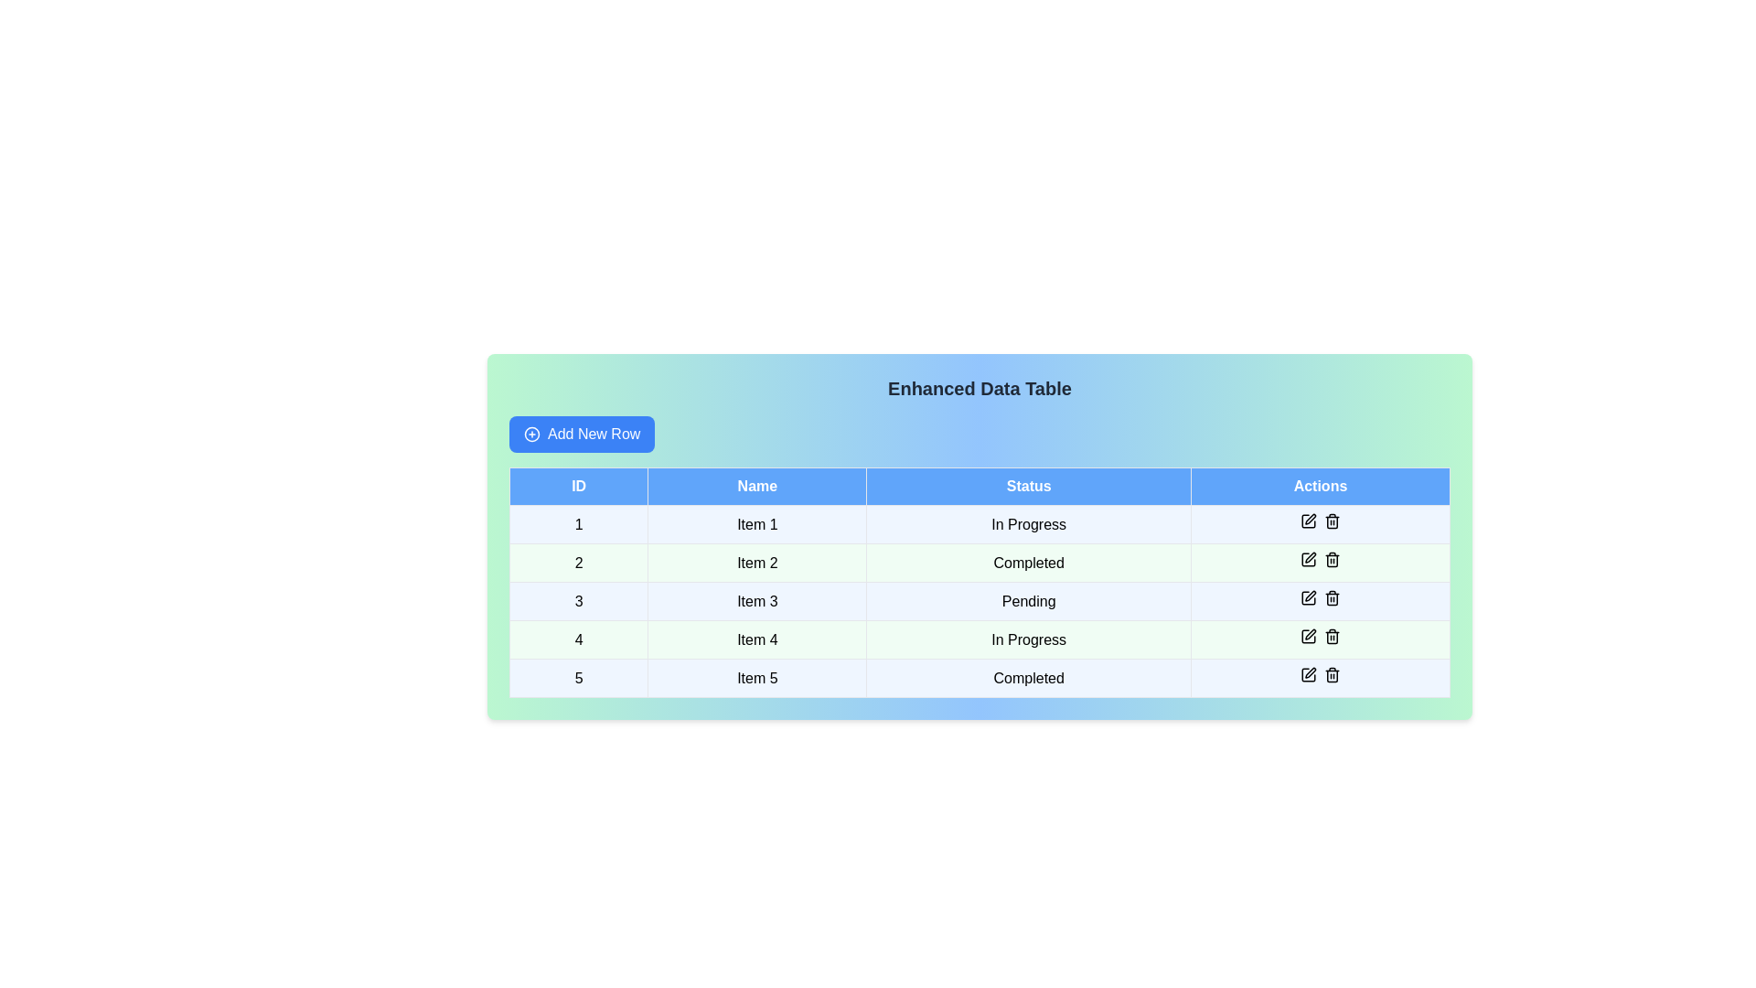 The width and height of the screenshot is (1756, 988). What do you see at coordinates (979, 601) in the screenshot?
I see `the third row in the data table, which includes ID '3', name 'Item 3', and status 'Pending'` at bounding box center [979, 601].